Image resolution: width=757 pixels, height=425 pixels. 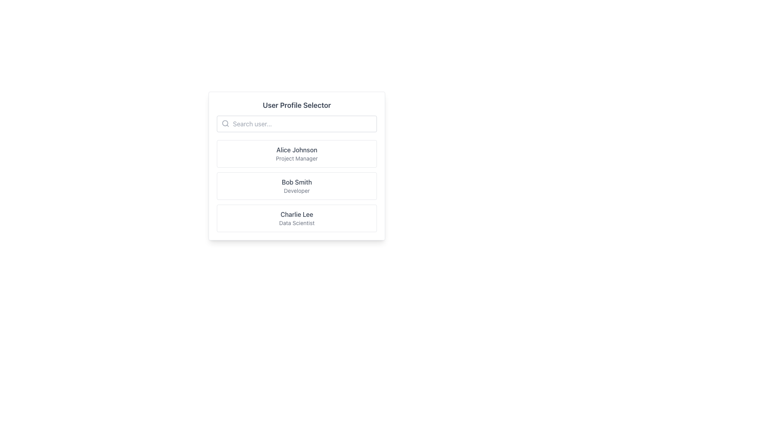 I want to click on the first user profile's text display to trigger a detailed view of the user information, so click(x=296, y=153).